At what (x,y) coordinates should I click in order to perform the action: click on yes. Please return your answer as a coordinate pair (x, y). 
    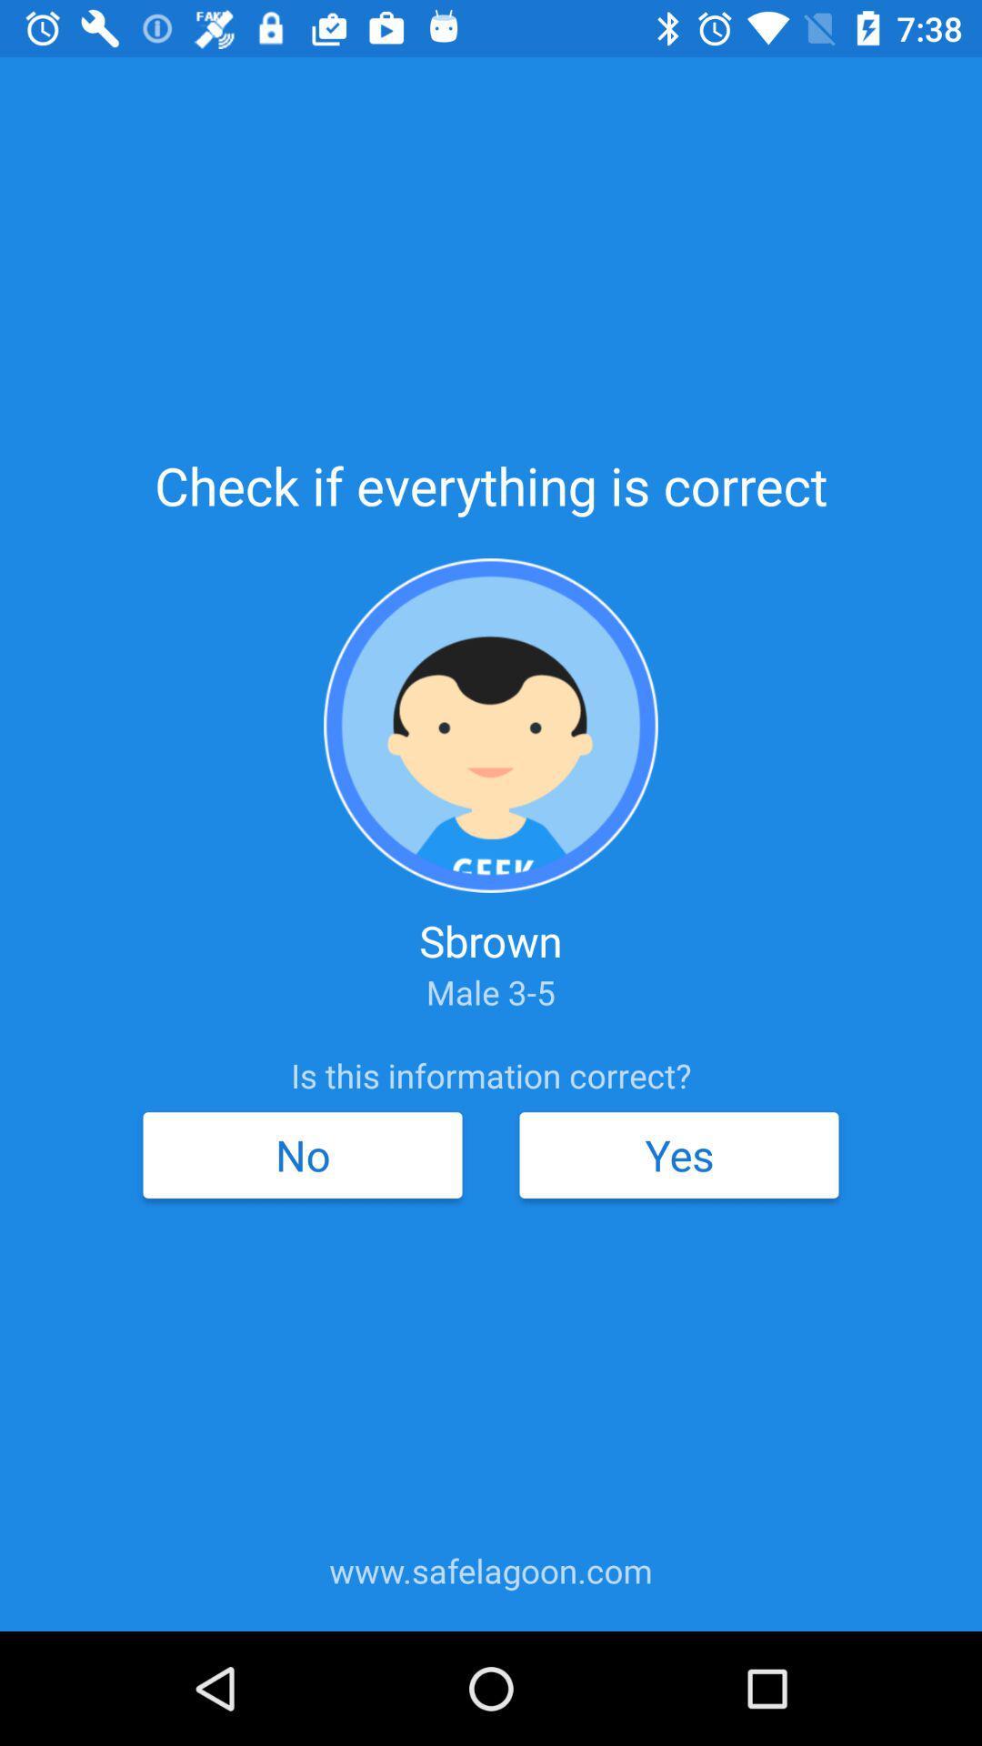
    Looking at the image, I should click on (679, 1154).